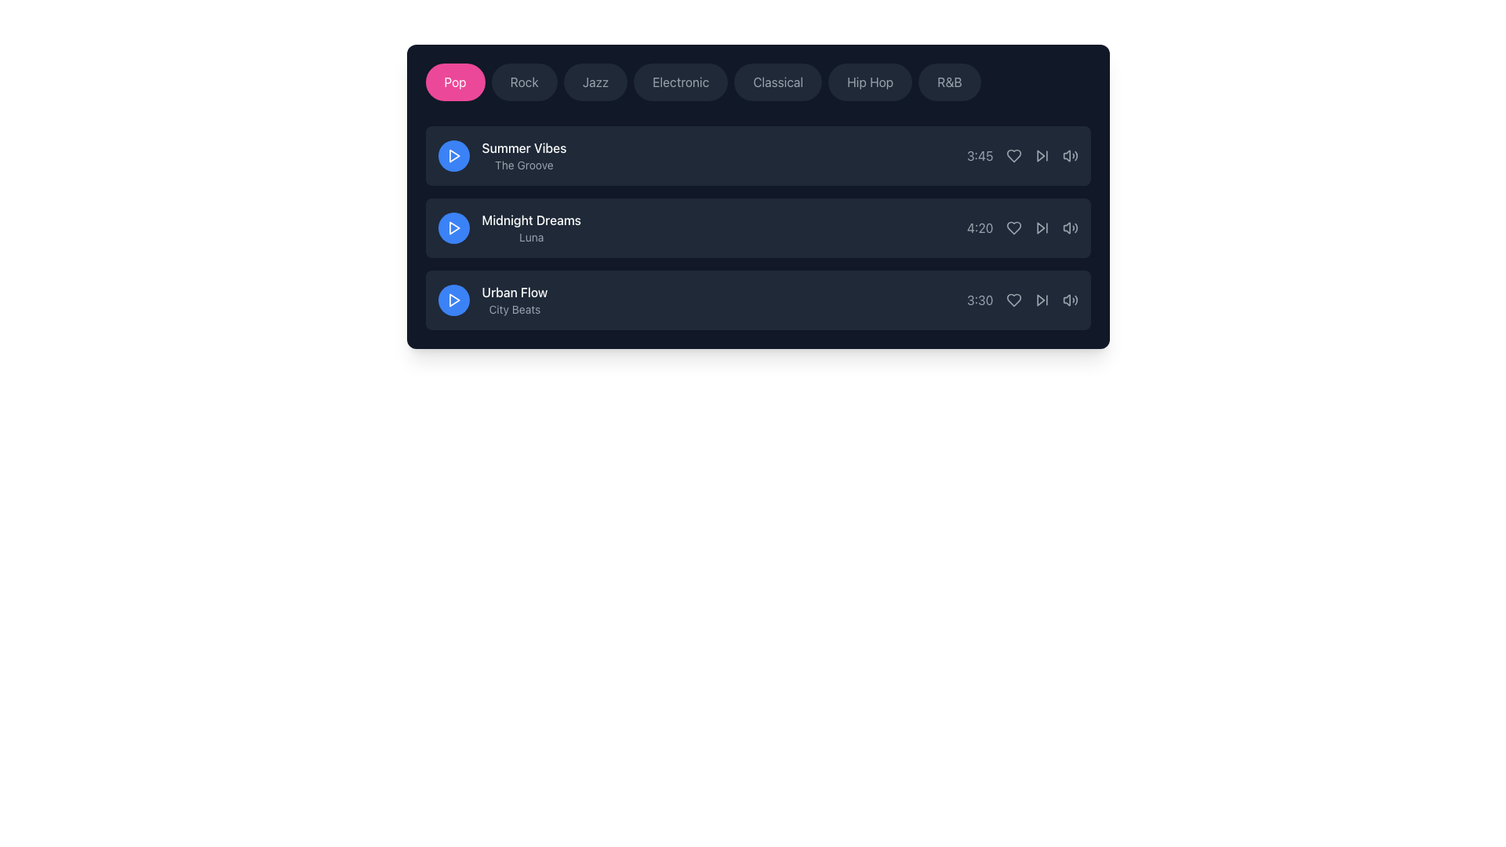 The height and width of the screenshot is (847, 1506). I want to click on the triangular forward icon located beside the 'Midnight Dreams' song in the control section of the second song in the list, so click(1040, 227).